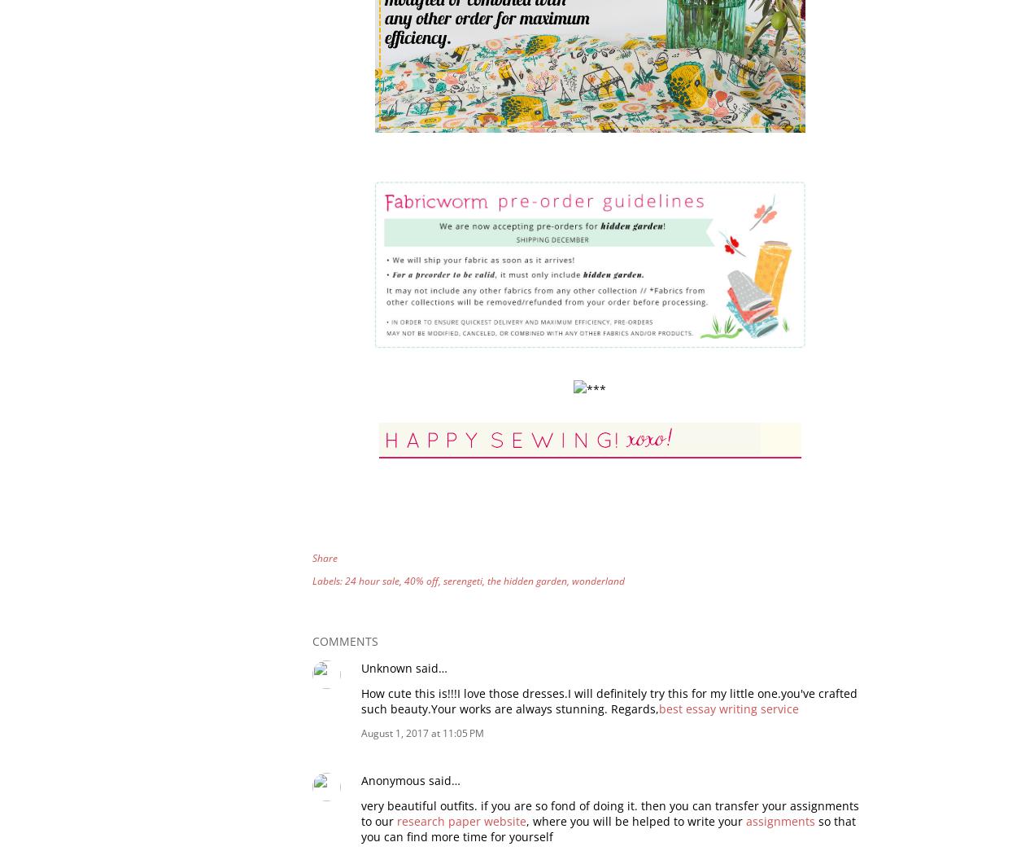  I want to click on 'best essay writing service', so click(659, 707).